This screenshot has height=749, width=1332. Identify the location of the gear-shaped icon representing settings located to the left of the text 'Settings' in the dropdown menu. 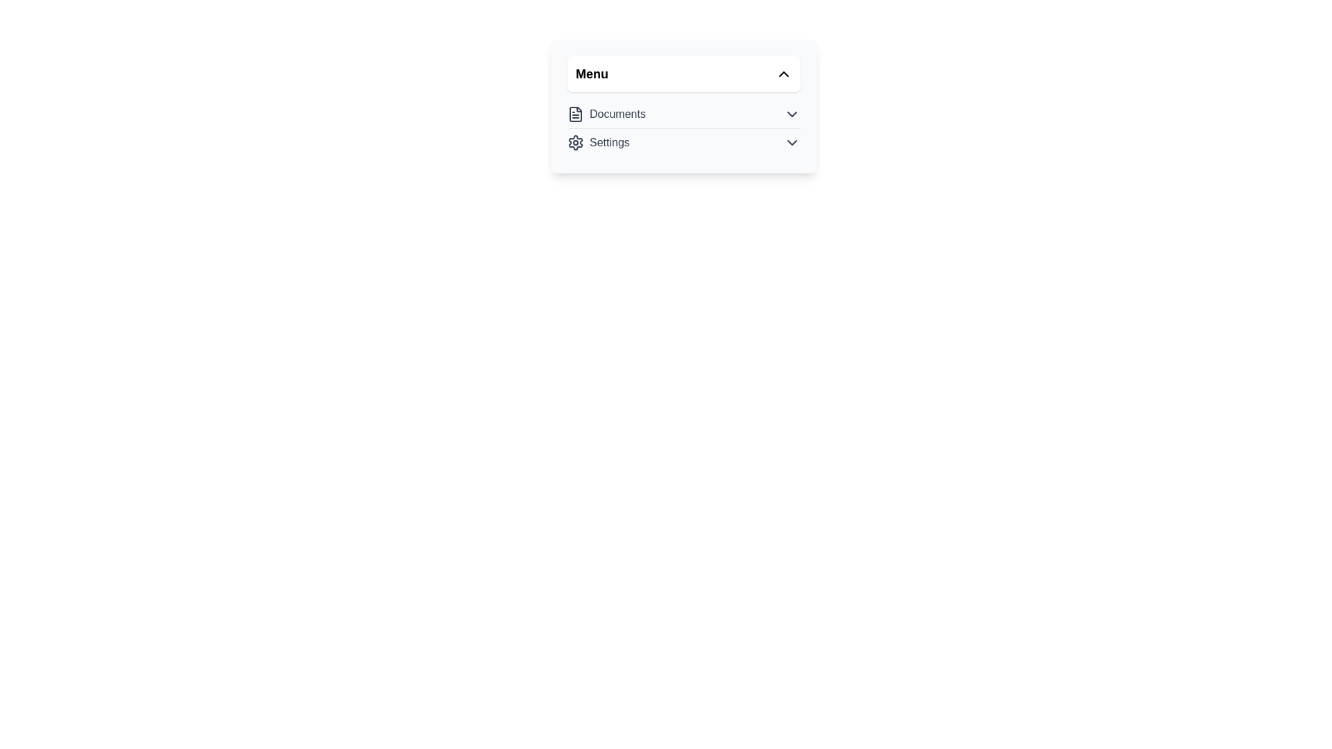
(576, 142).